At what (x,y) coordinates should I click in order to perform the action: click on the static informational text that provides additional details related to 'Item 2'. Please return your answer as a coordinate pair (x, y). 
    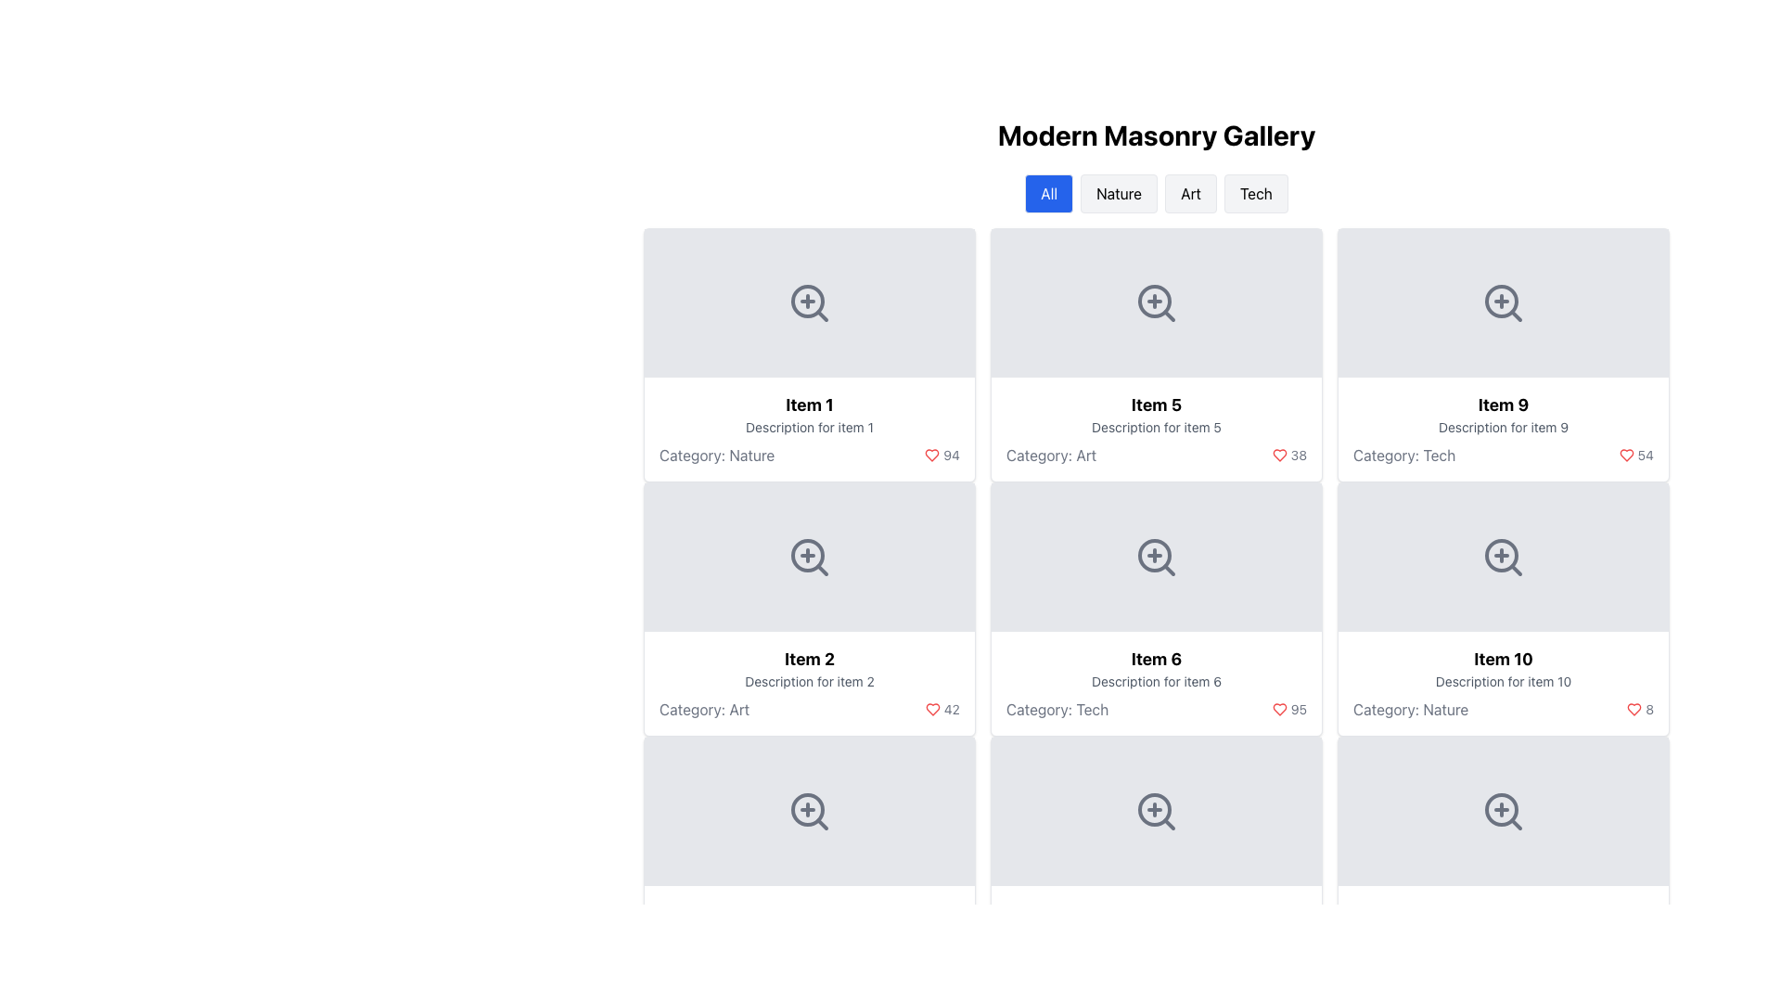
    Looking at the image, I should click on (810, 682).